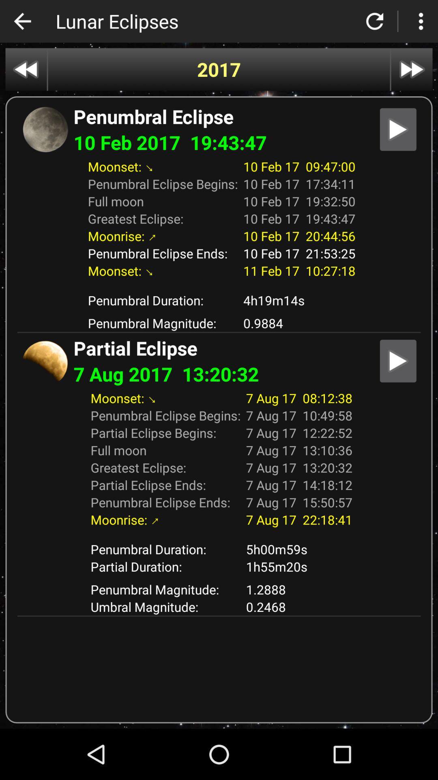  I want to click on item above penumbral duration:, so click(218, 534).